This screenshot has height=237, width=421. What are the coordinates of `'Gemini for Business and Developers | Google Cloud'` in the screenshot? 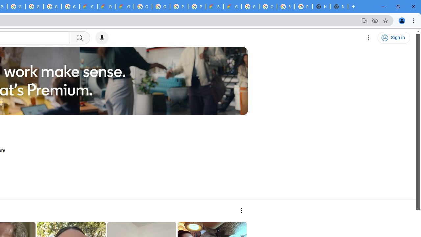 It's located at (125, 7).